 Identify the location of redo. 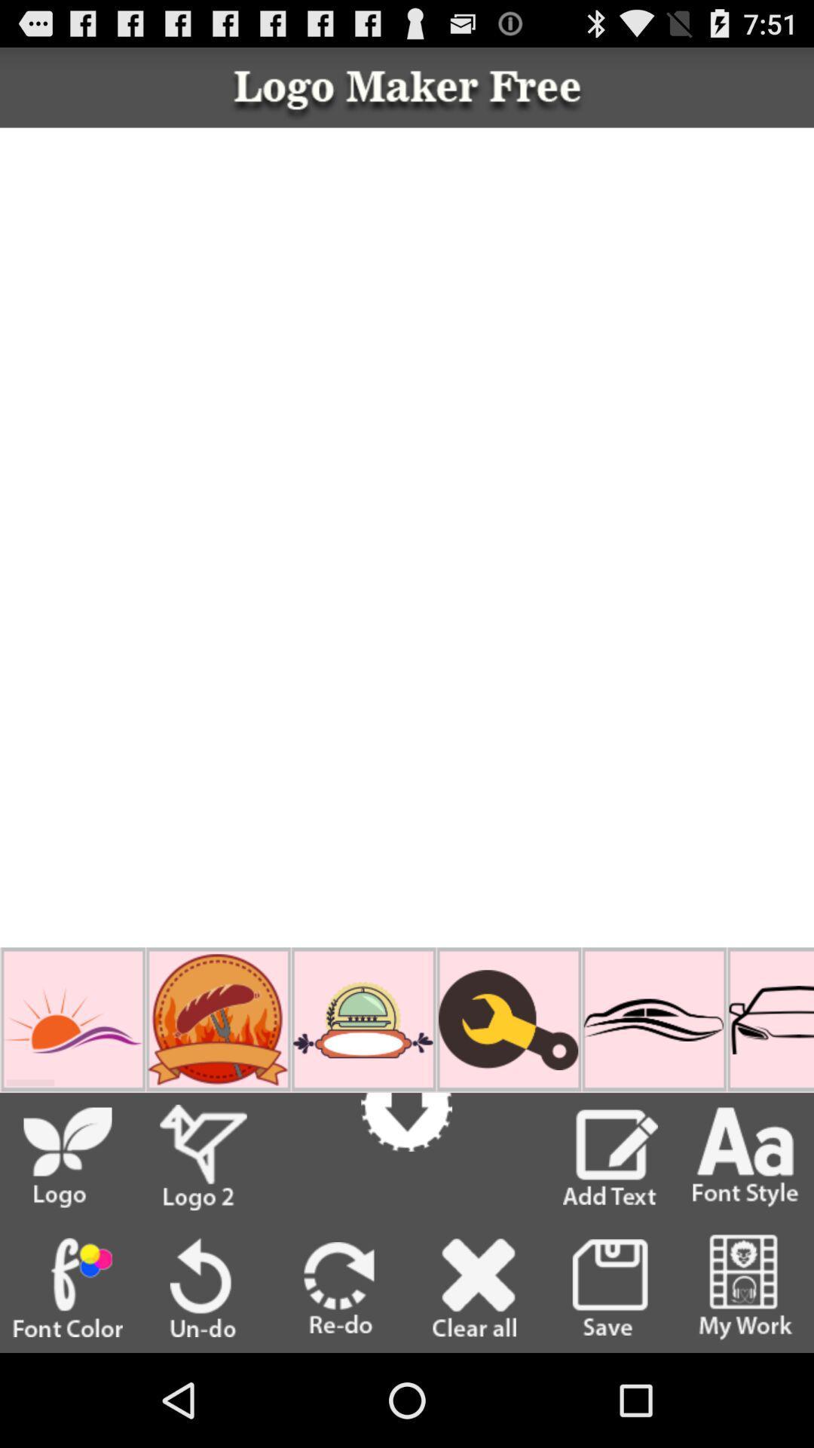
(339, 1287).